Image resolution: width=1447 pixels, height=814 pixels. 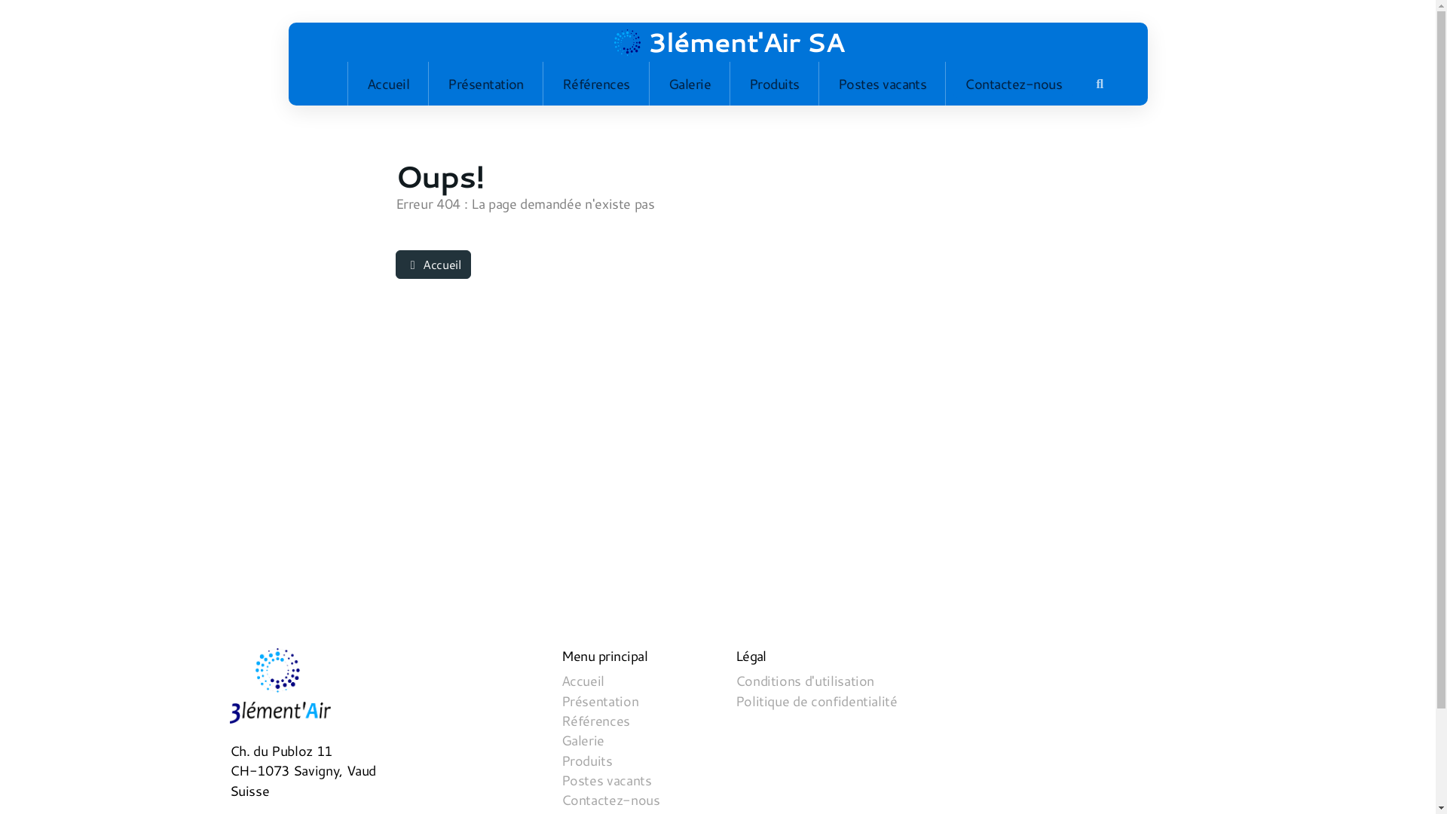 I want to click on 'Accueil', so click(x=432, y=264).